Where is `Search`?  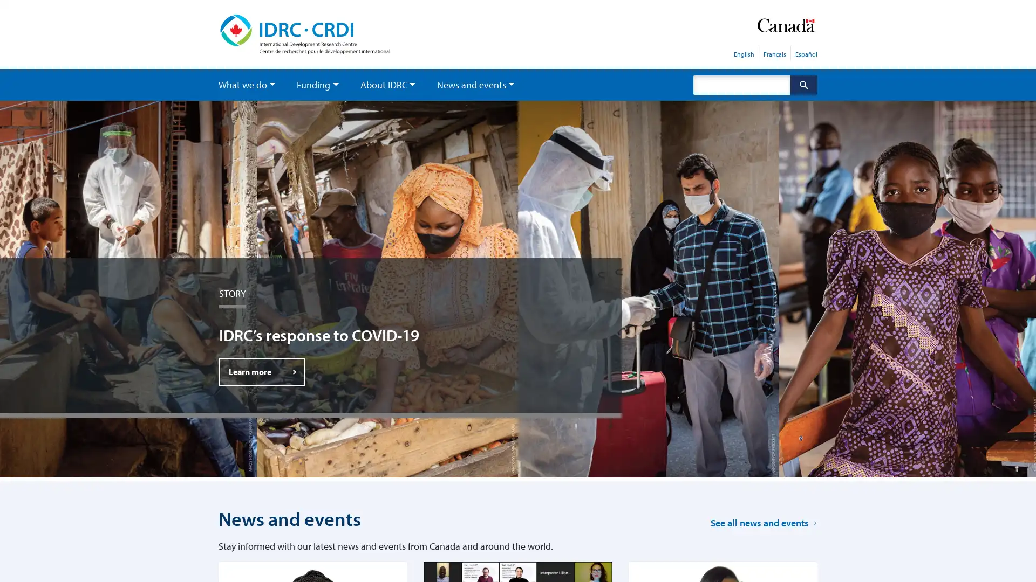 Search is located at coordinates (803, 84).